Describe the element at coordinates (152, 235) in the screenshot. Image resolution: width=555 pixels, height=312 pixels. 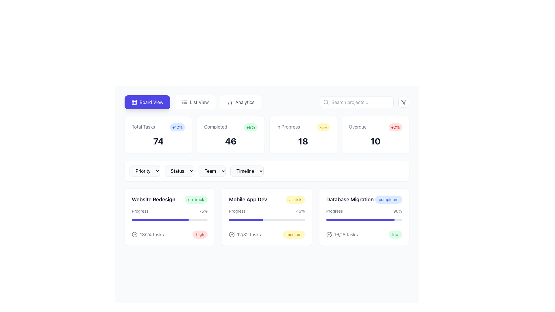
I see `information displayed in the text indicating the number of tasks completed for the 'Website Redesign' section, located beneath the section and adjacent to the checkmark icon and status indicator` at that location.